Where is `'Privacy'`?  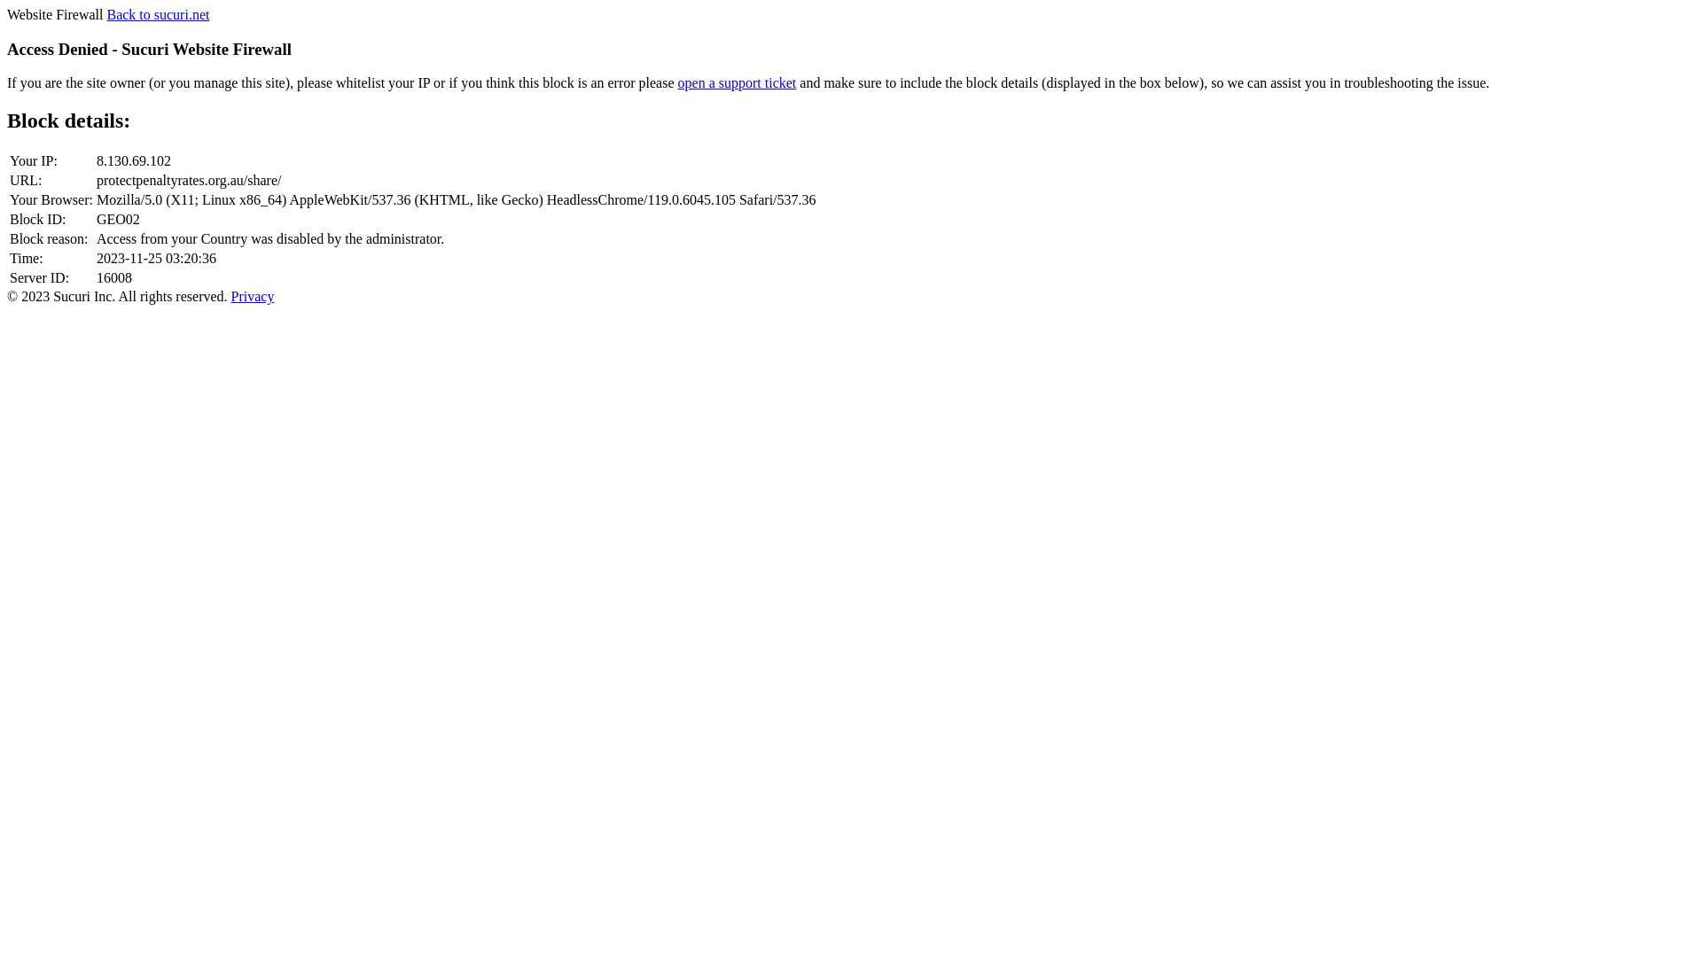
'Privacy' is located at coordinates (252, 295).